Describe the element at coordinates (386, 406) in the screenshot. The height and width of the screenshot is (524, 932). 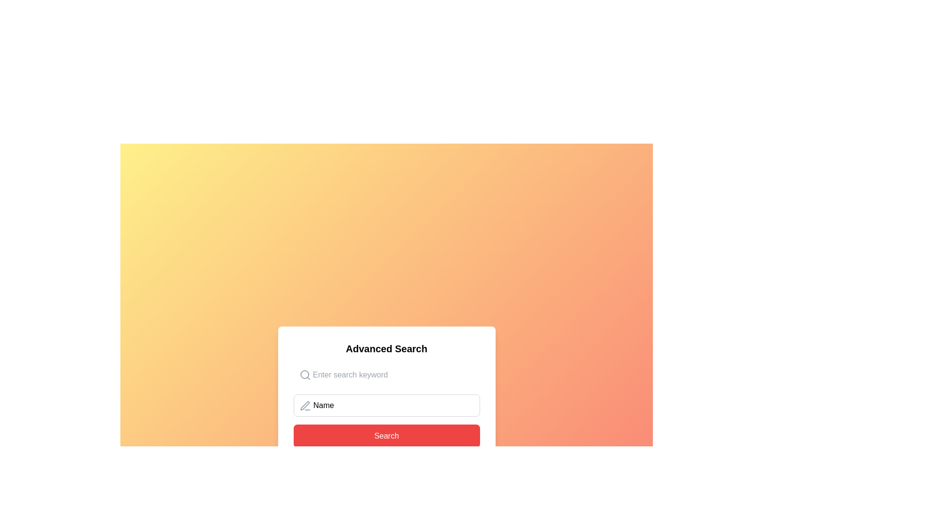
I see `the input field labeled 'Name' in the 'Advanced Search' panel using tab navigation` at that location.